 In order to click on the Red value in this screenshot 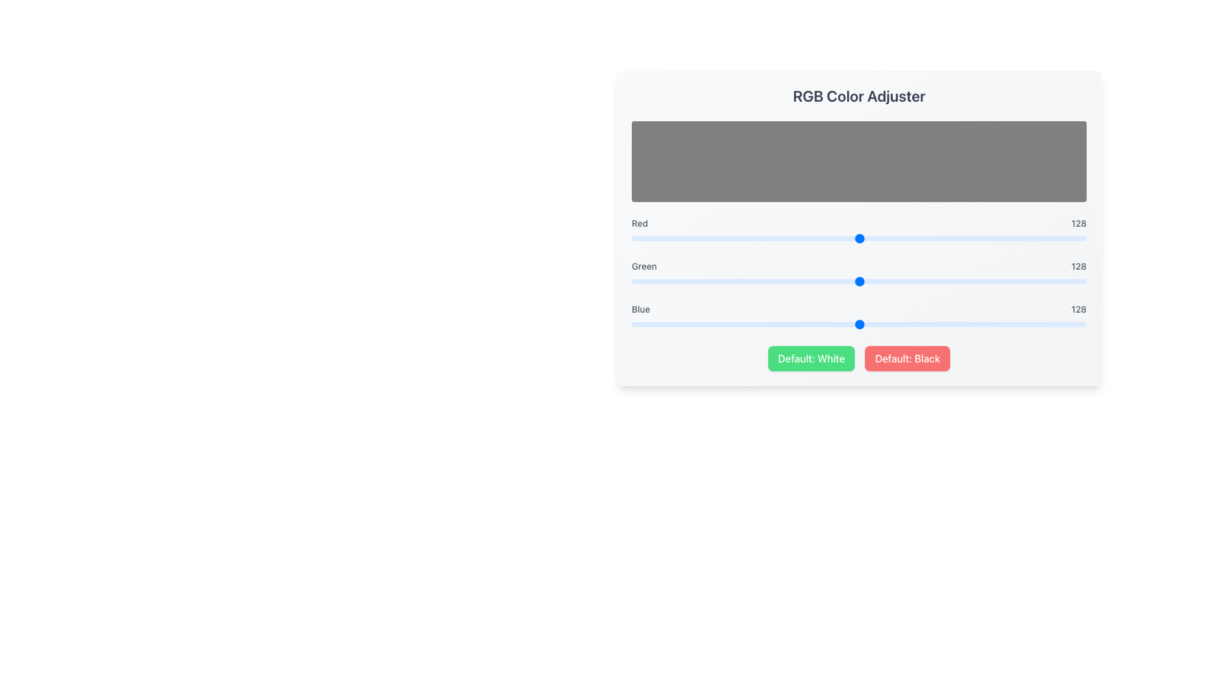, I will do `click(1006, 239)`.